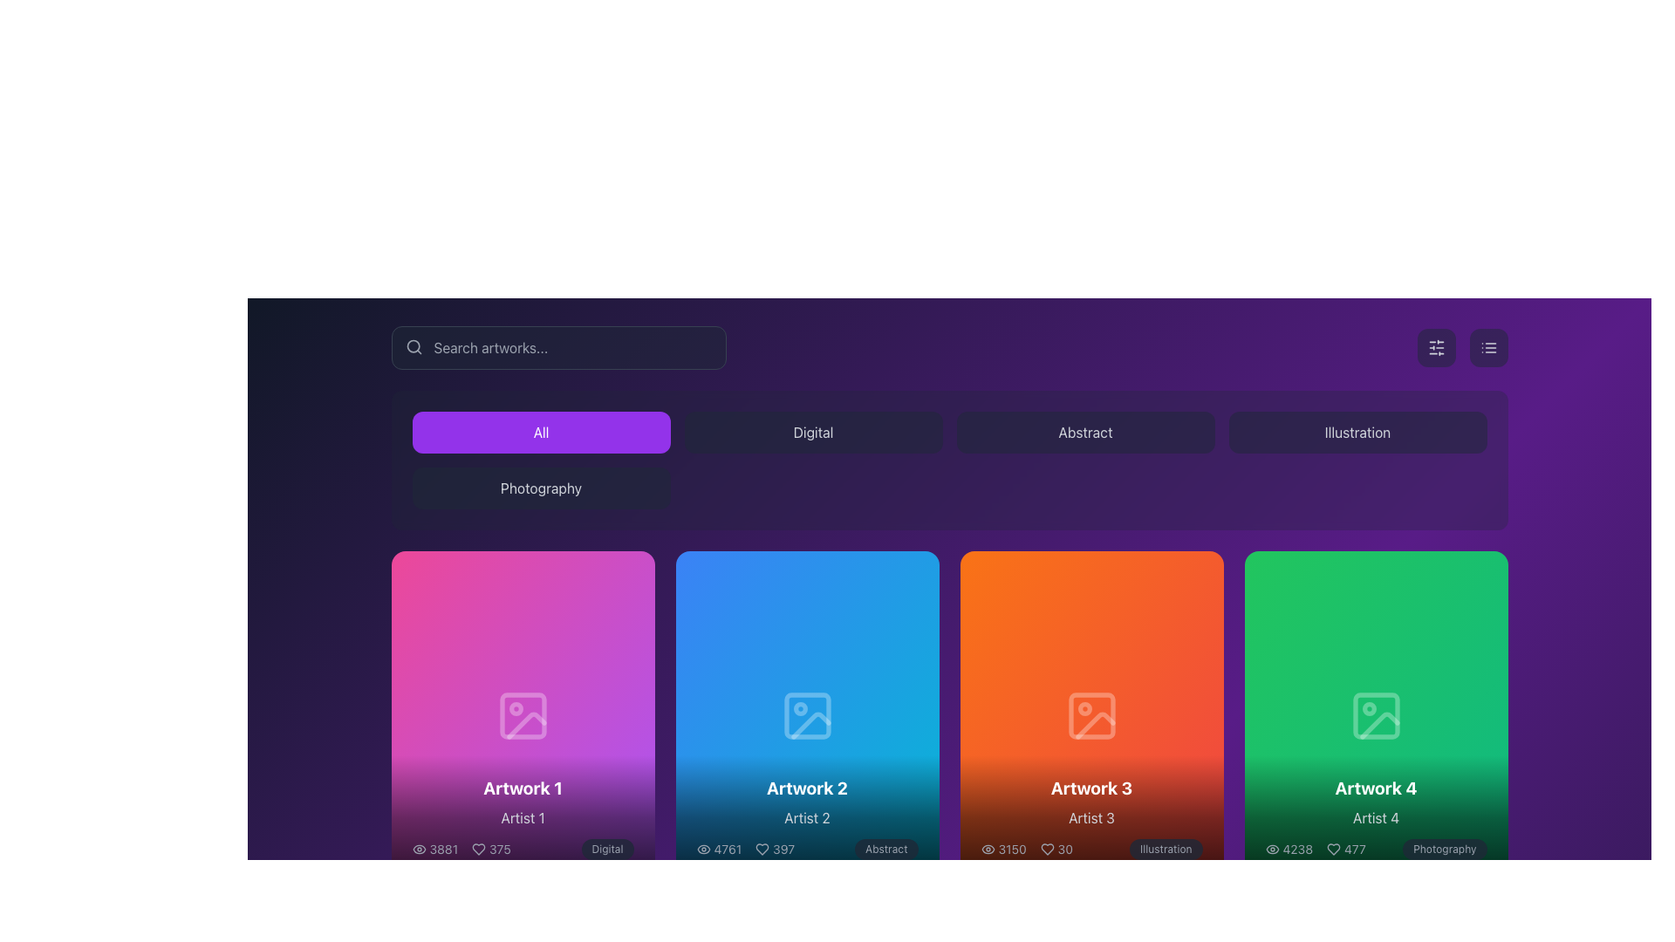 This screenshot has height=942, width=1675. Describe the element at coordinates (806, 788) in the screenshot. I see `bold white text element labeled 'Artwork 2', which is prominently displayed in a large font size within the second card of a horizontally aligned grid` at that location.